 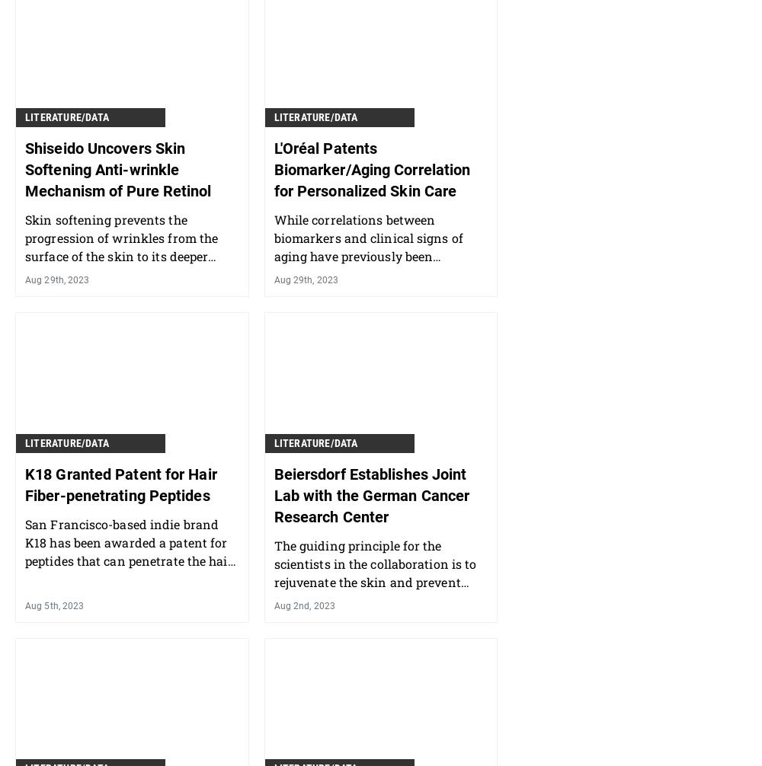 What do you see at coordinates (304, 605) in the screenshot?
I see `'Aug 2nd, 2023'` at bounding box center [304, 605].